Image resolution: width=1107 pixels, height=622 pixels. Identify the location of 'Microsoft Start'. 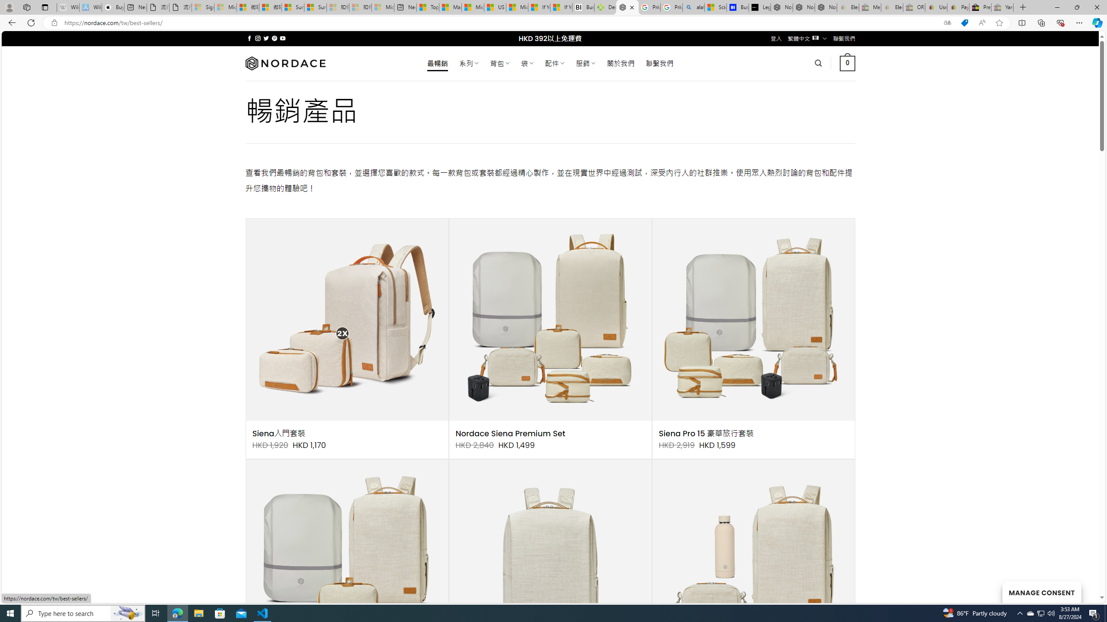
(516, 7).